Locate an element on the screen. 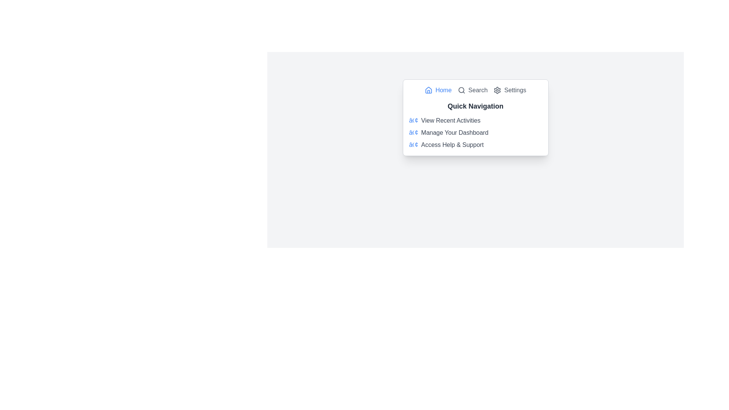 This screenshot has width=729, height=410. the text label for the home or dashboard page located in the top-left section of the dropdown menu is located at coordinates (443, 90).